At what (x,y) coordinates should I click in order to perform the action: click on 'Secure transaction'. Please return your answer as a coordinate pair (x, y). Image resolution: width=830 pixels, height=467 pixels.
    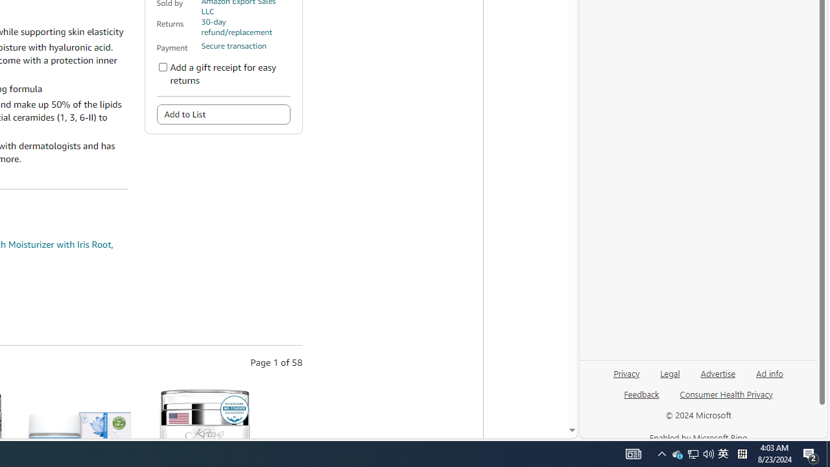
    Looking at the image, I should click on (233, 45).